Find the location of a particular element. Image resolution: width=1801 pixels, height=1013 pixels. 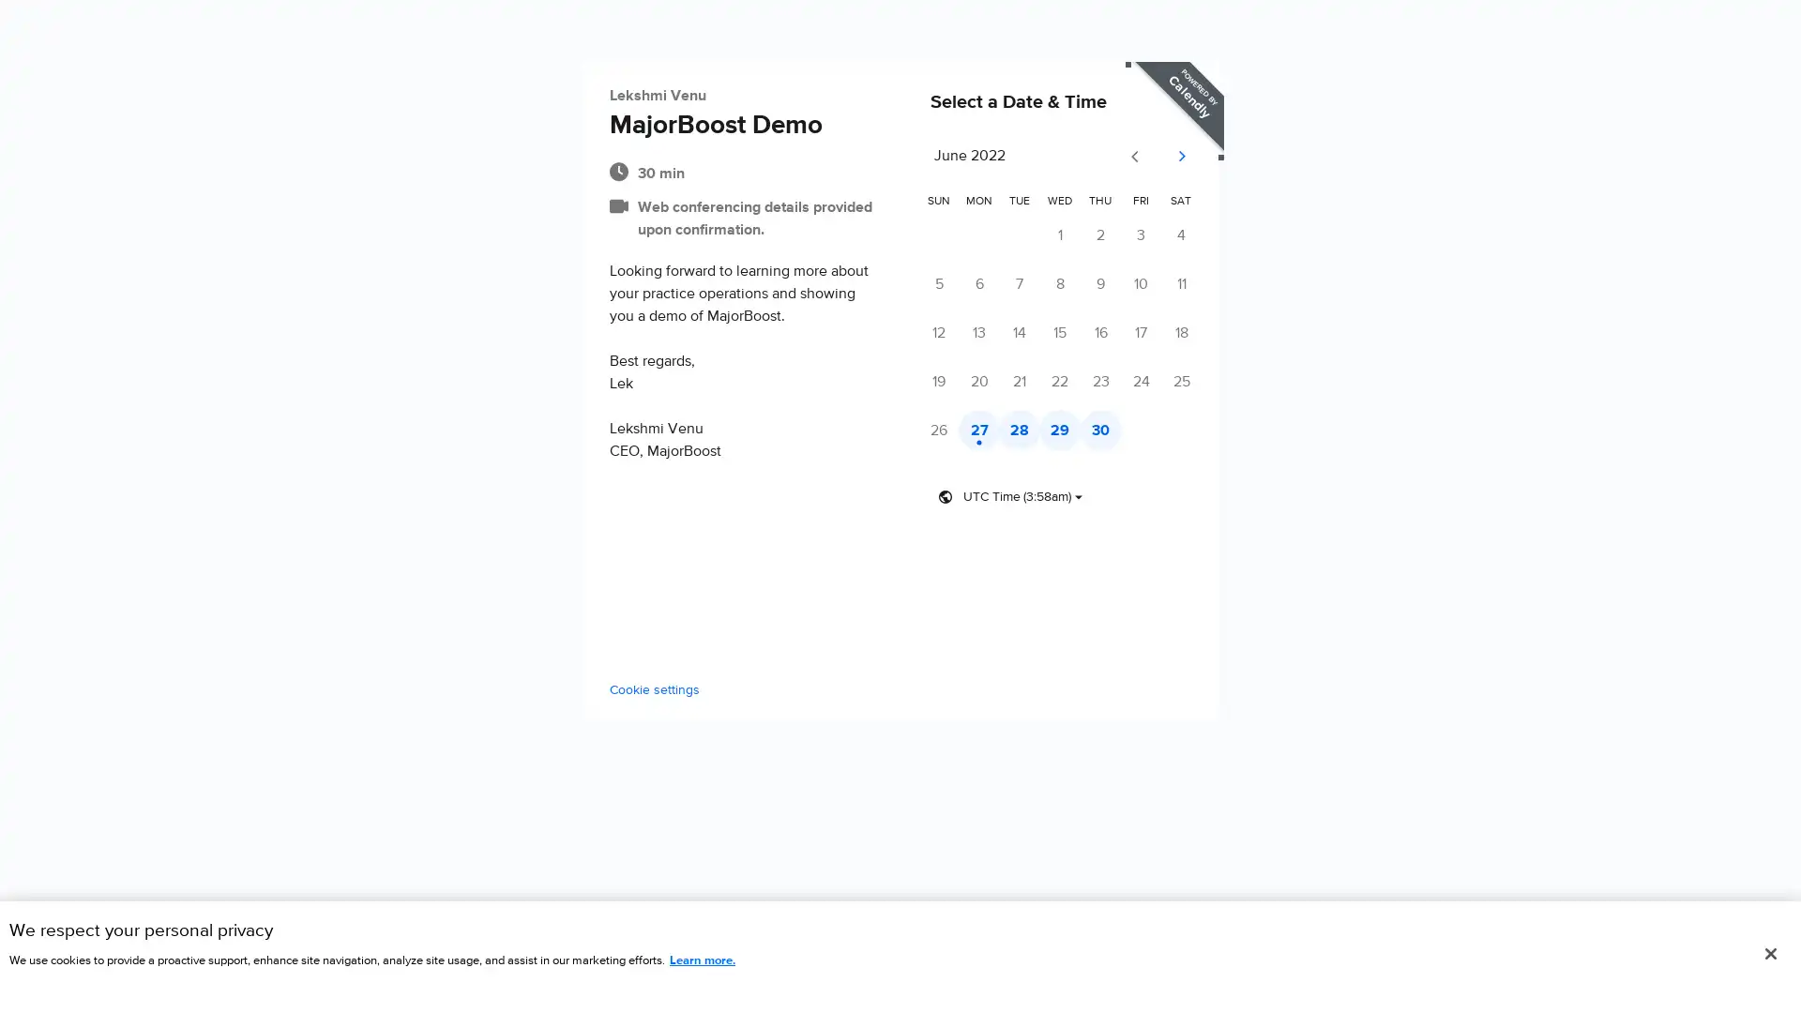

Friday, June 24 - No times available is located at coordinates (1183, 382).